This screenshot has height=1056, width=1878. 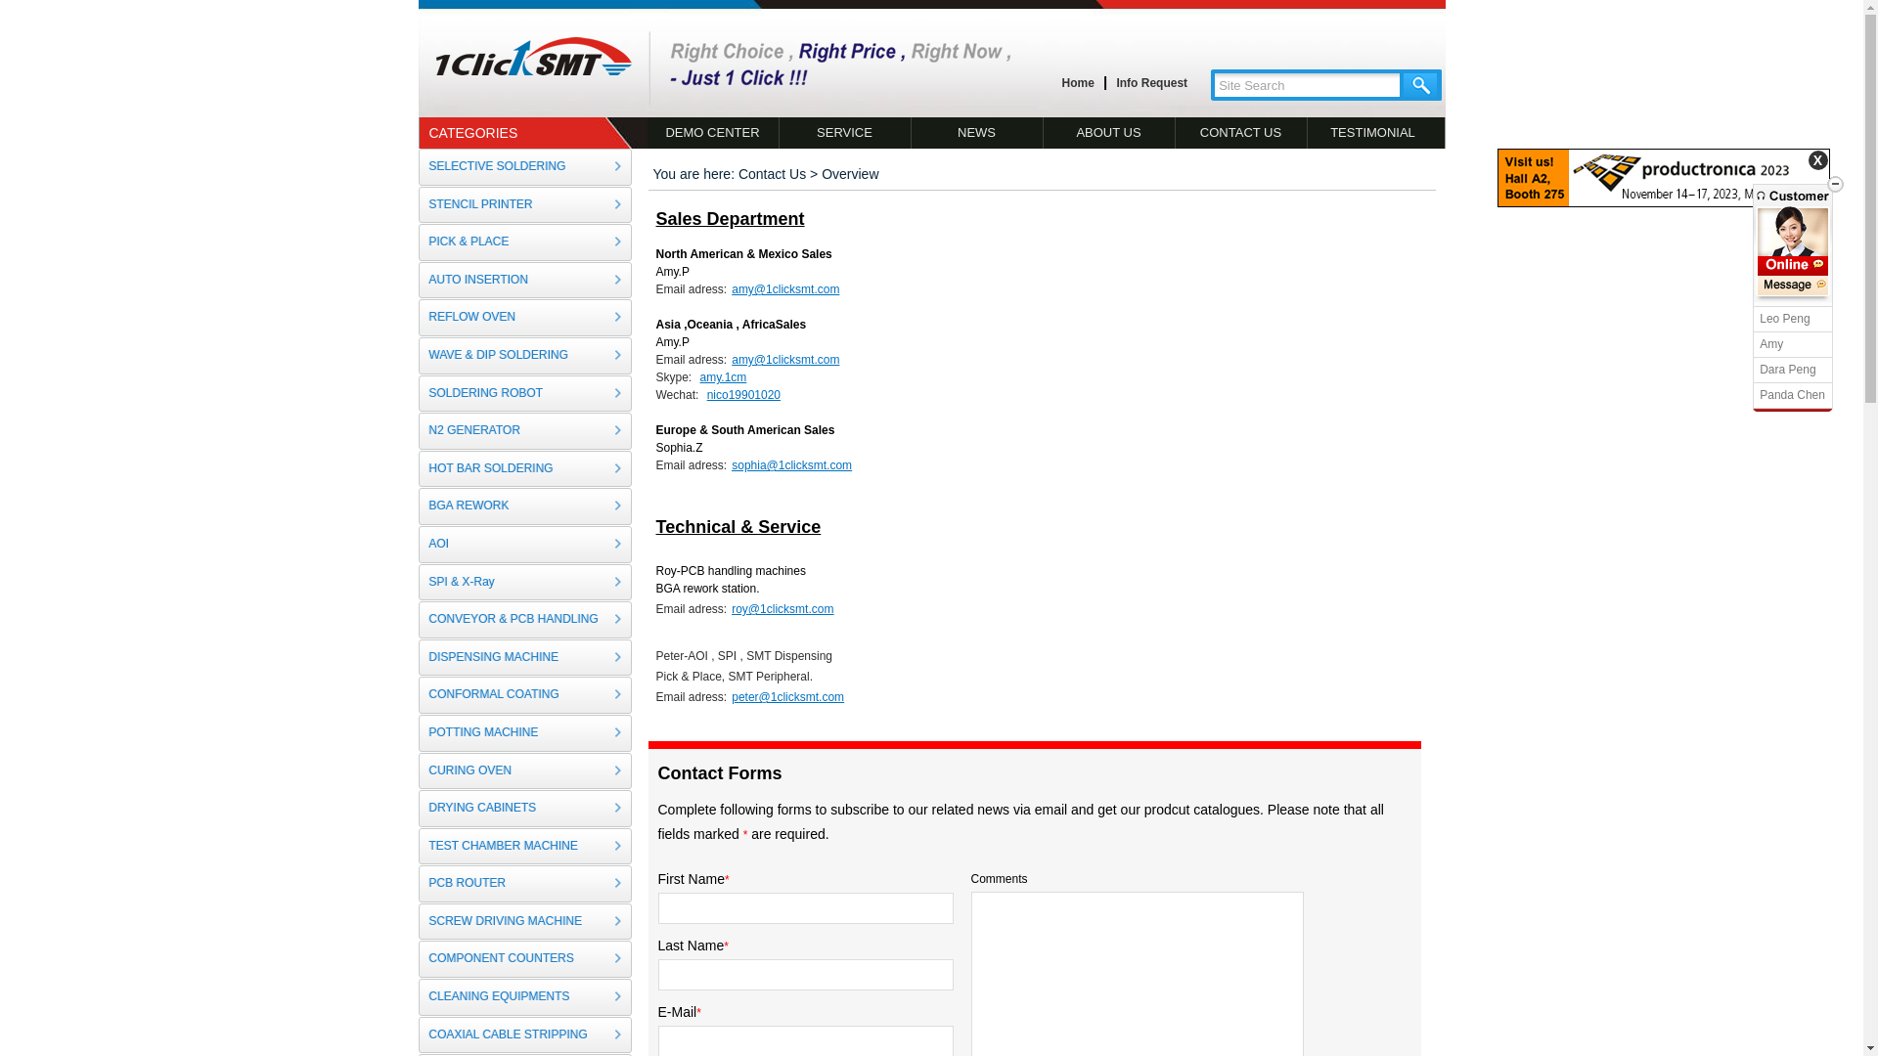 What do you see at coordinates (525, 355) in the screenshot?
I see `'WAVE & DIP SOLDERING'` at bounding box center [525, 355].